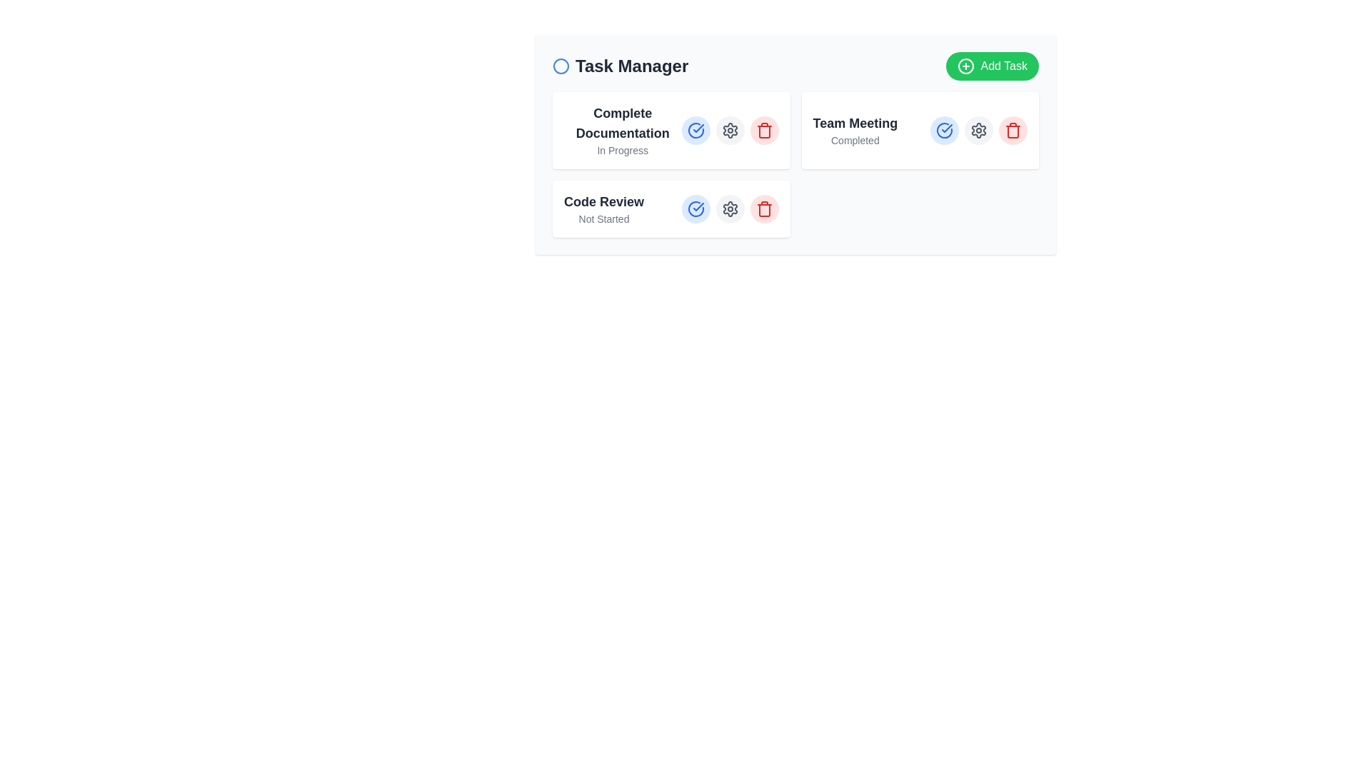 Image resolution: width=1371 pixels, height=771 pixels. What do you see at coordinates (695, 130) in the screenshot?
I see `the checkmark icon in the bottom-left task card labeled 'Code Review' to mark the task as started` at bounding box center [695, 130].